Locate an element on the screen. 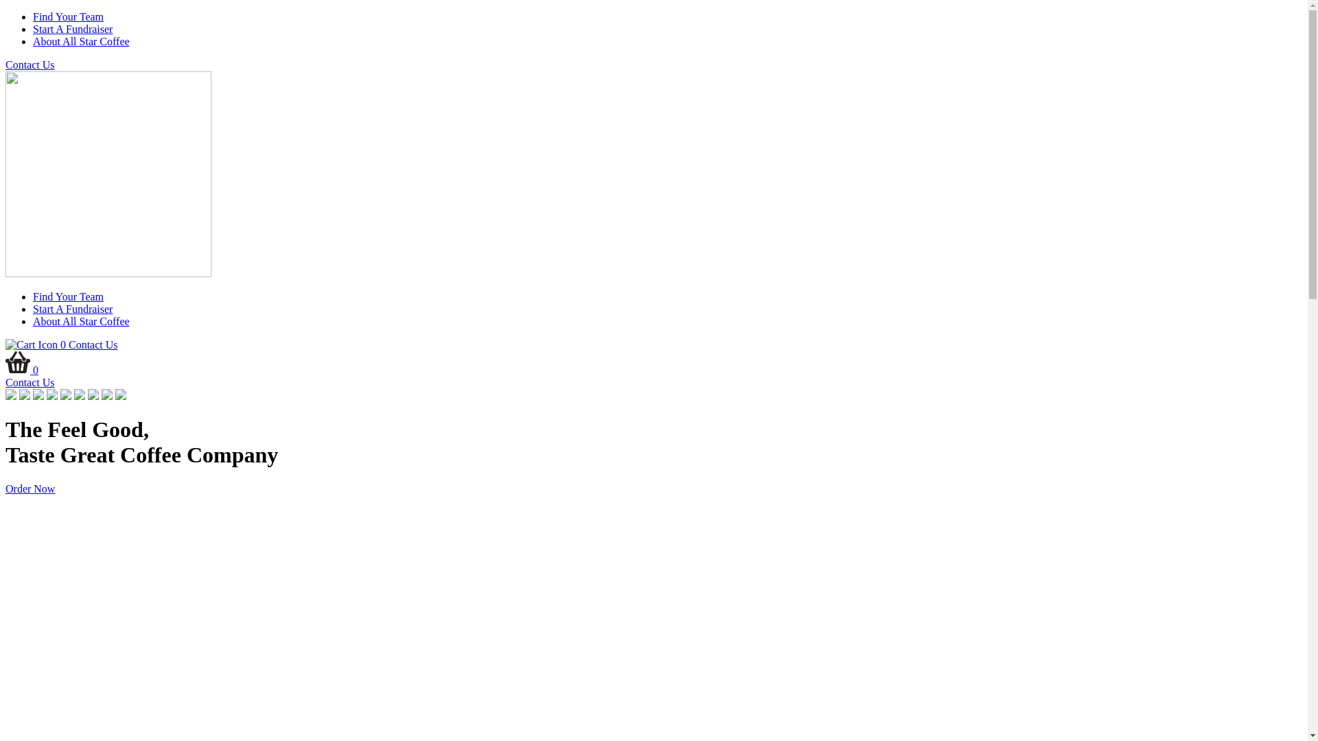 The height and width of the screenshot is (741, 1318). '0' is located at coordinates (22, 369).